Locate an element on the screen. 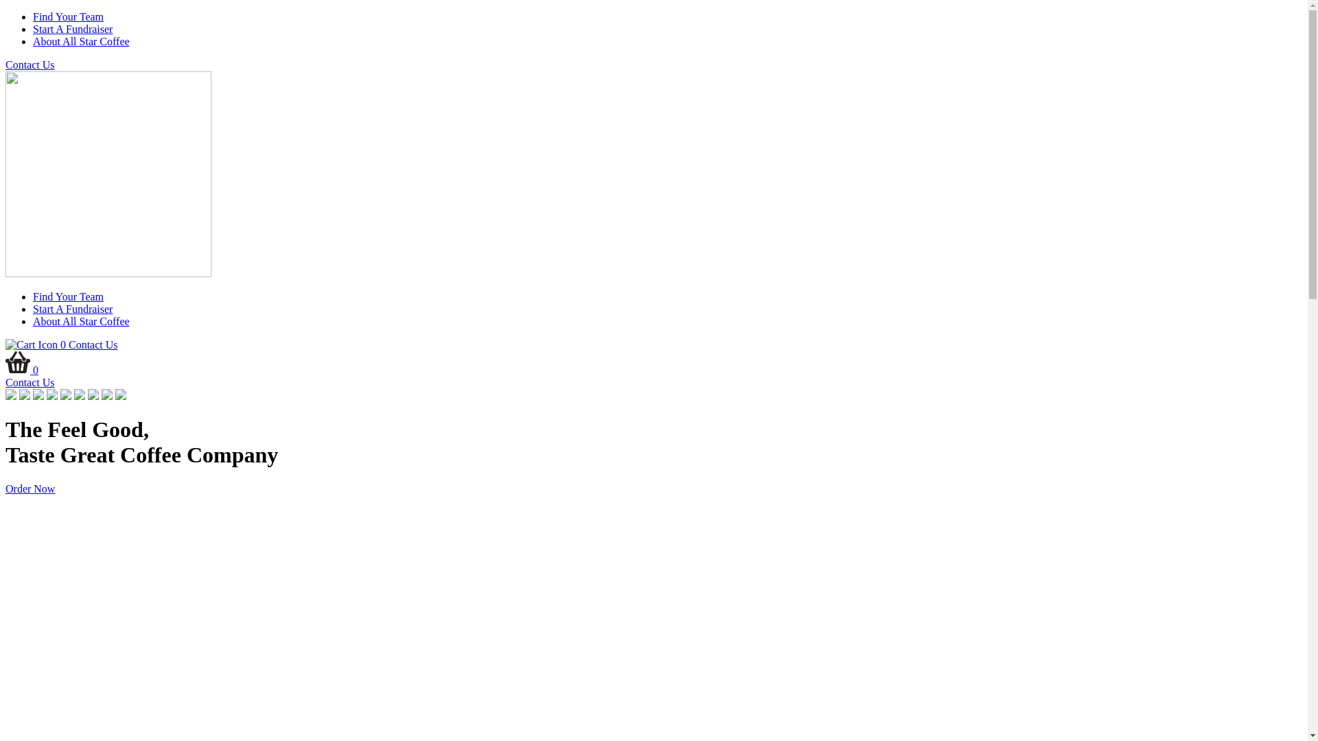 The height and width of the screenshot is (741, 1318). '0' is located at coordinates (22, 369).